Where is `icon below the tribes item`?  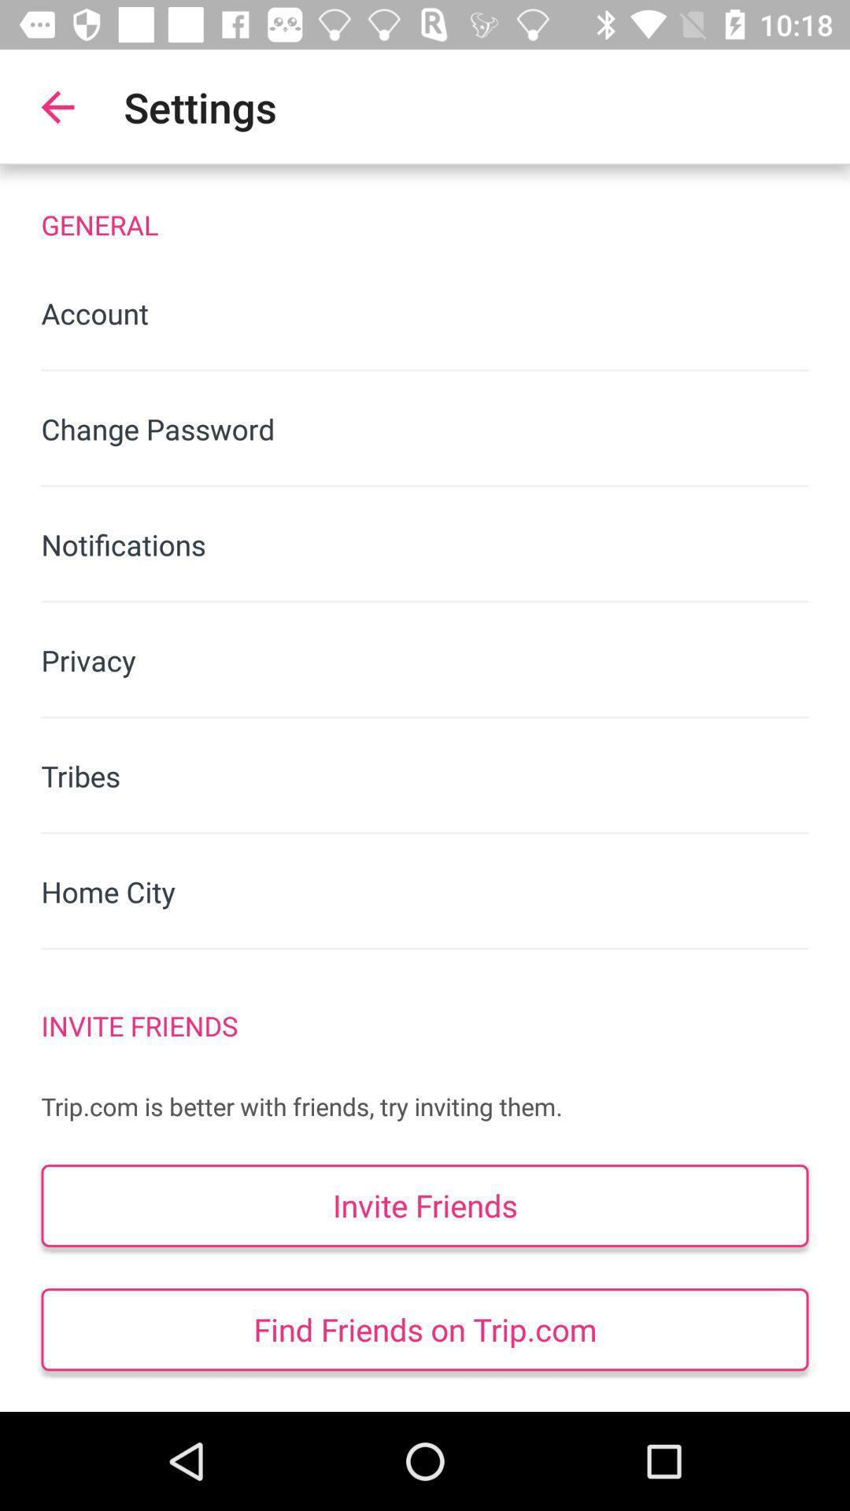 icon below the tribes item is located at coordinates (425, 892).